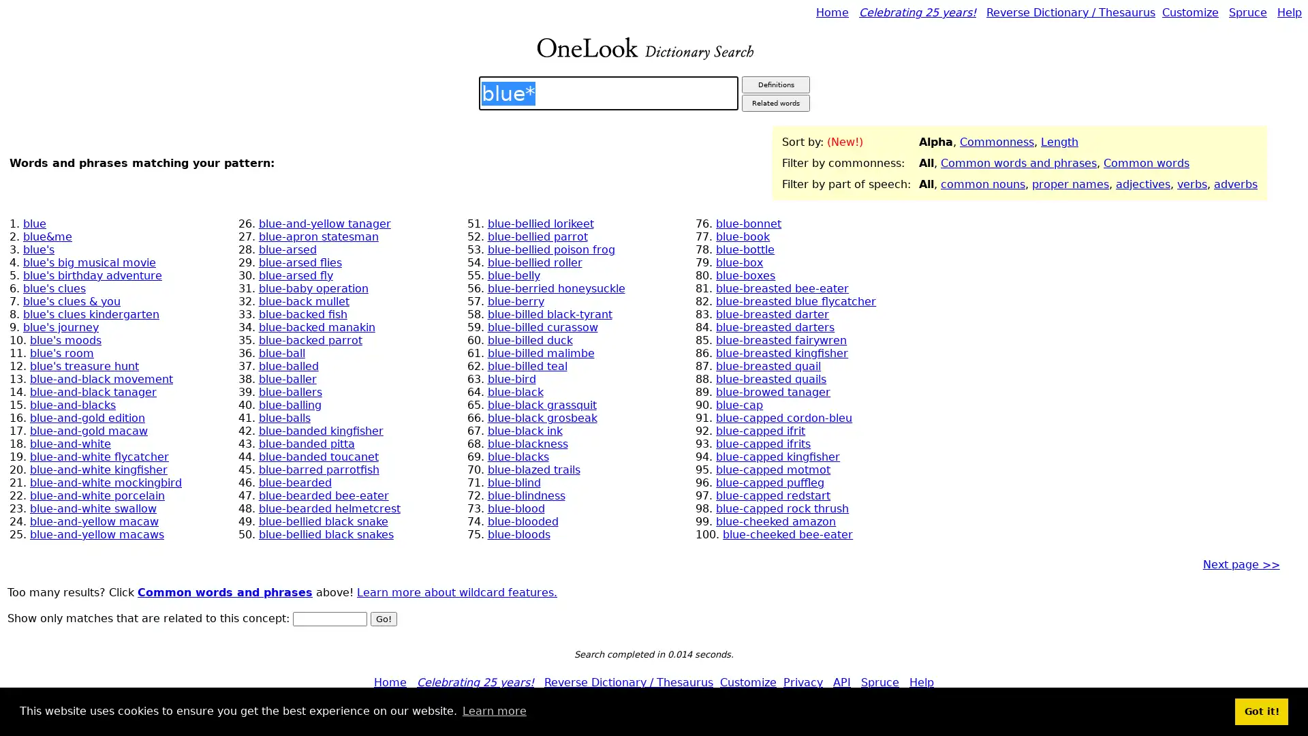 Image resolution: width=1308 pixels, height=736 pixels. Describe the element at coordinates (383, 619) in the screenshot. I see `Go!` at that location.